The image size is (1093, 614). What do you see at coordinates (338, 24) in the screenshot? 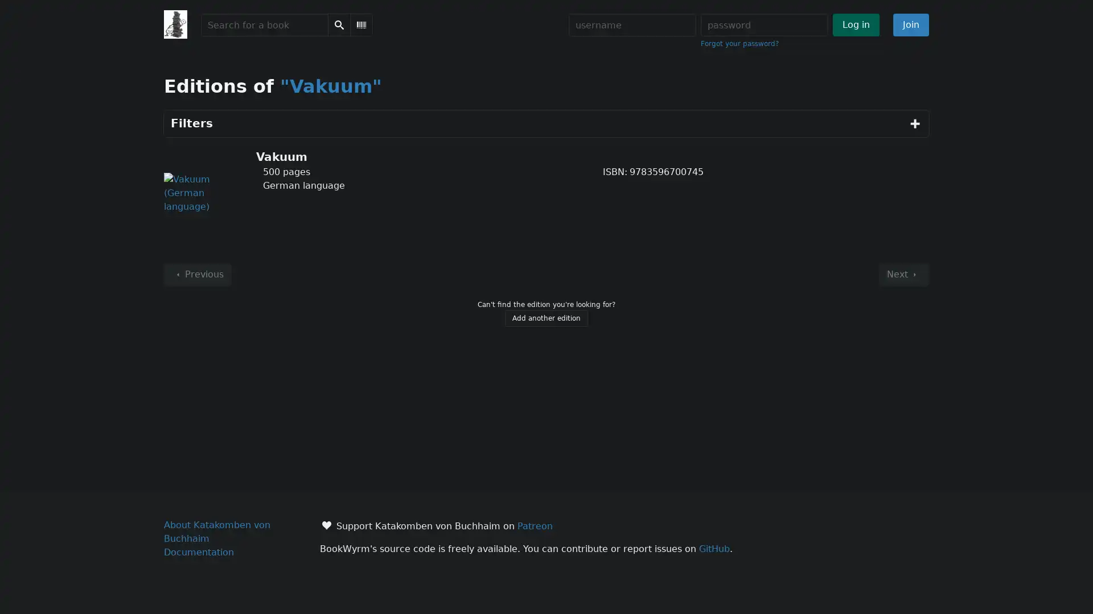
I see `Search` at bounding box center [338, 24].